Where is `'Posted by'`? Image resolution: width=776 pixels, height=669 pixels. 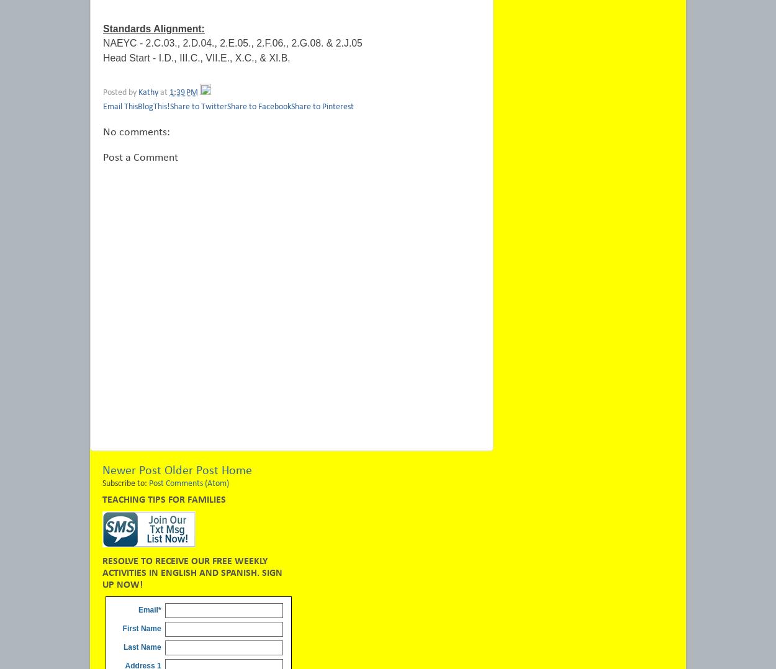 'Posted by' is located at coordinates (120, 92).